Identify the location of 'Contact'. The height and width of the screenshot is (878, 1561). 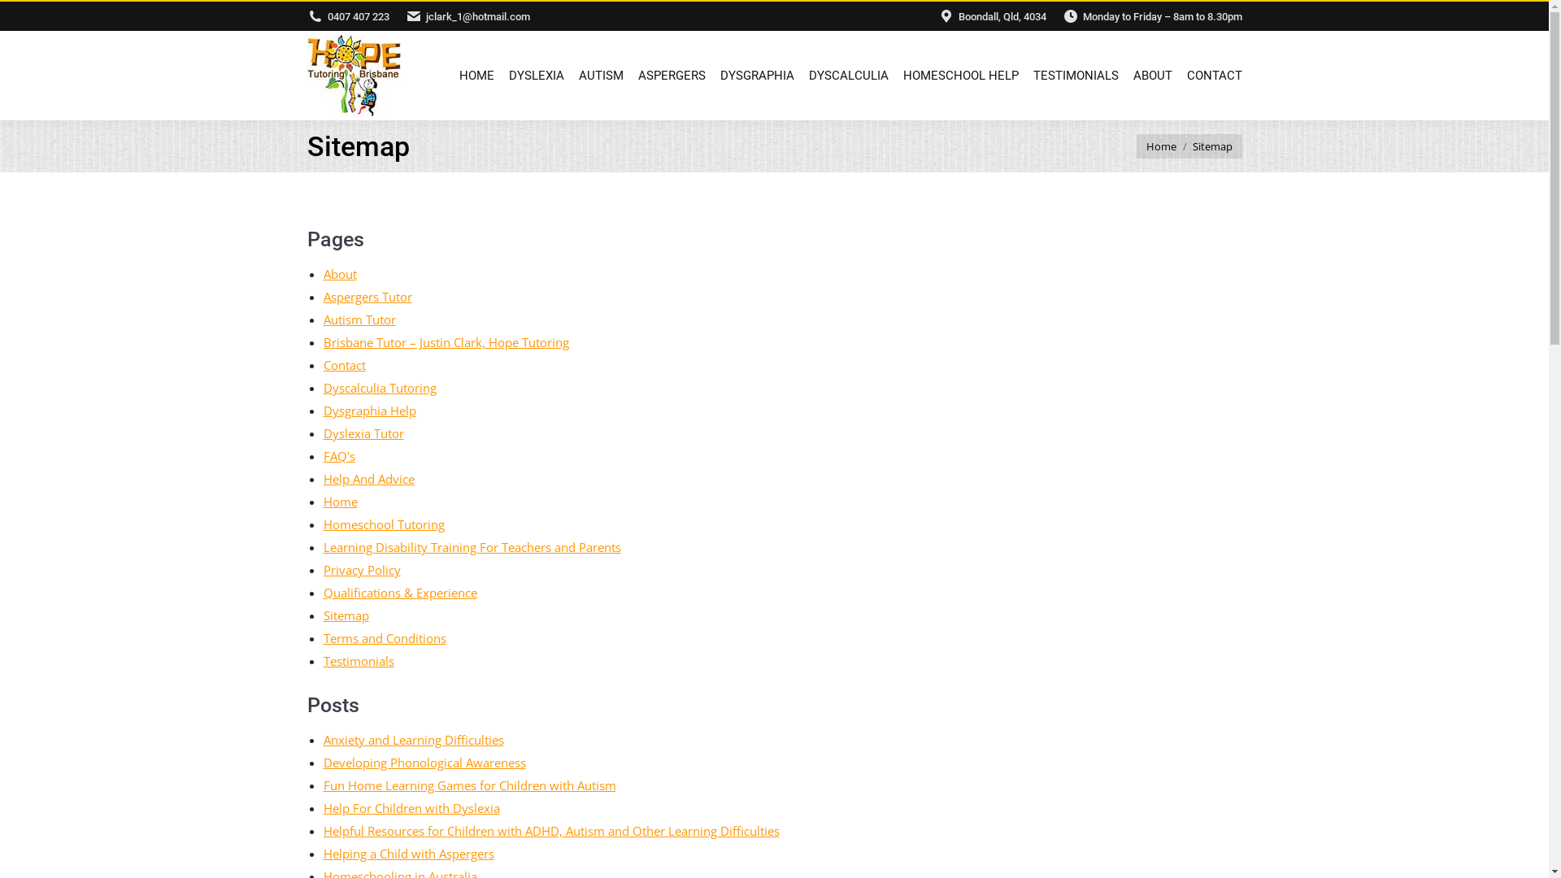
(343, 363).